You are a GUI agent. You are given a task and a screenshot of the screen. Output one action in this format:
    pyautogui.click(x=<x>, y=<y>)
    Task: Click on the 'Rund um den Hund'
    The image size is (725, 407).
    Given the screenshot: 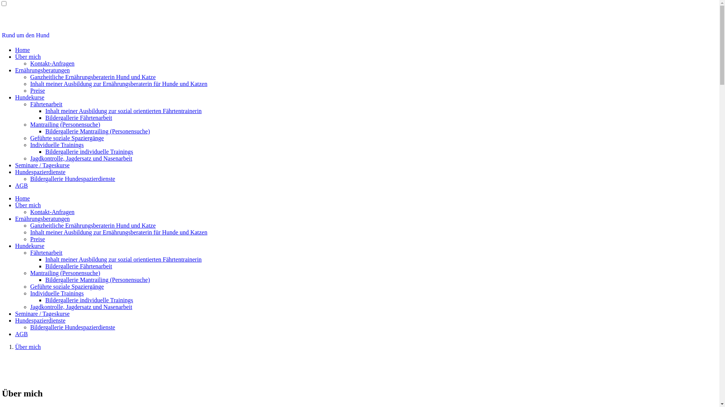 What is the action you would take?
    pyautogui.click(x=25, y=35)
    